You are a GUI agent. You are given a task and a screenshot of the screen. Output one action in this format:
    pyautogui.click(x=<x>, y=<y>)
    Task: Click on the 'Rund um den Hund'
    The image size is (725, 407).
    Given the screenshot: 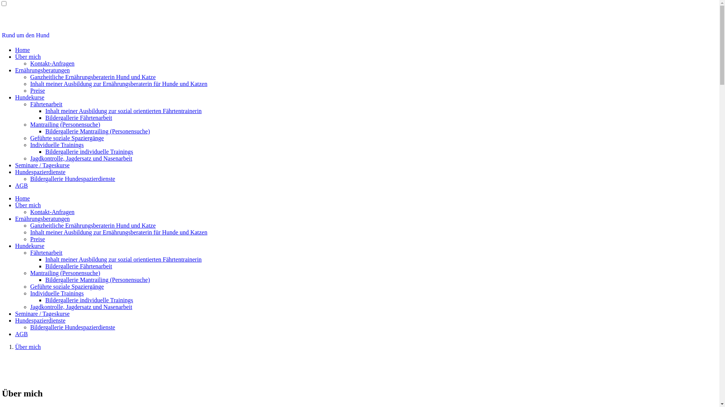 What is the action you would take?
    pyautogui.click(x=25, y=35)
    